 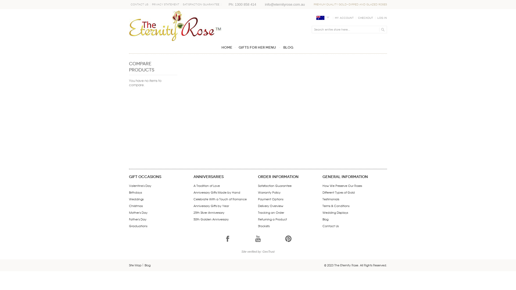 What do you see at coordinates (211, 205) in the screenshot?
I see `'Anniversary Gifts by Year'` at bounding box center [211, 205].